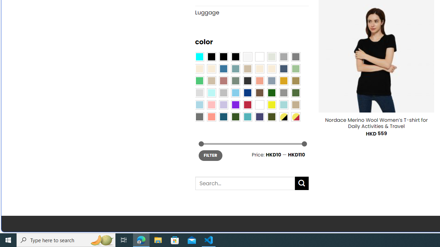  What do you see at coordinates (259, 105) in the screenshot?
I see `'White'` at bounding box center [259, 105].